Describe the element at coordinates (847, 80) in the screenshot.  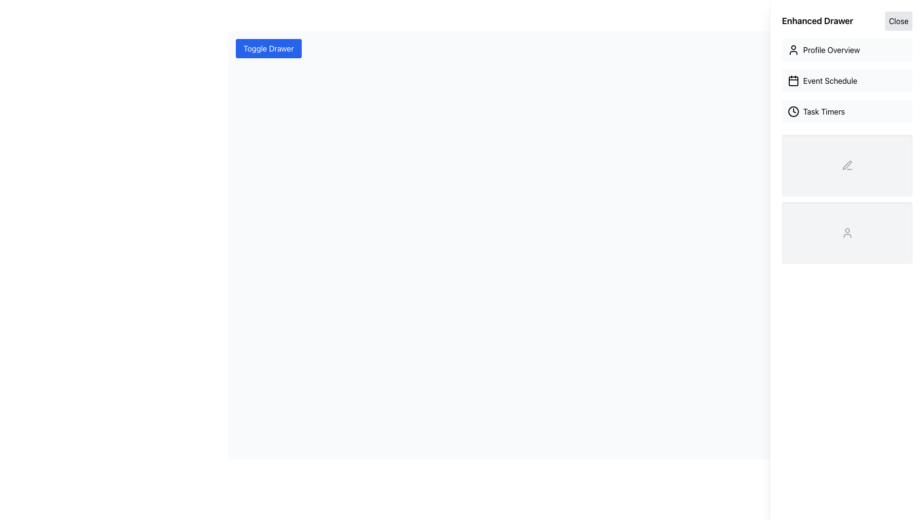
I see `the row in the vertical navigational menu labeled 'Enhanced Drawer'` at that location.